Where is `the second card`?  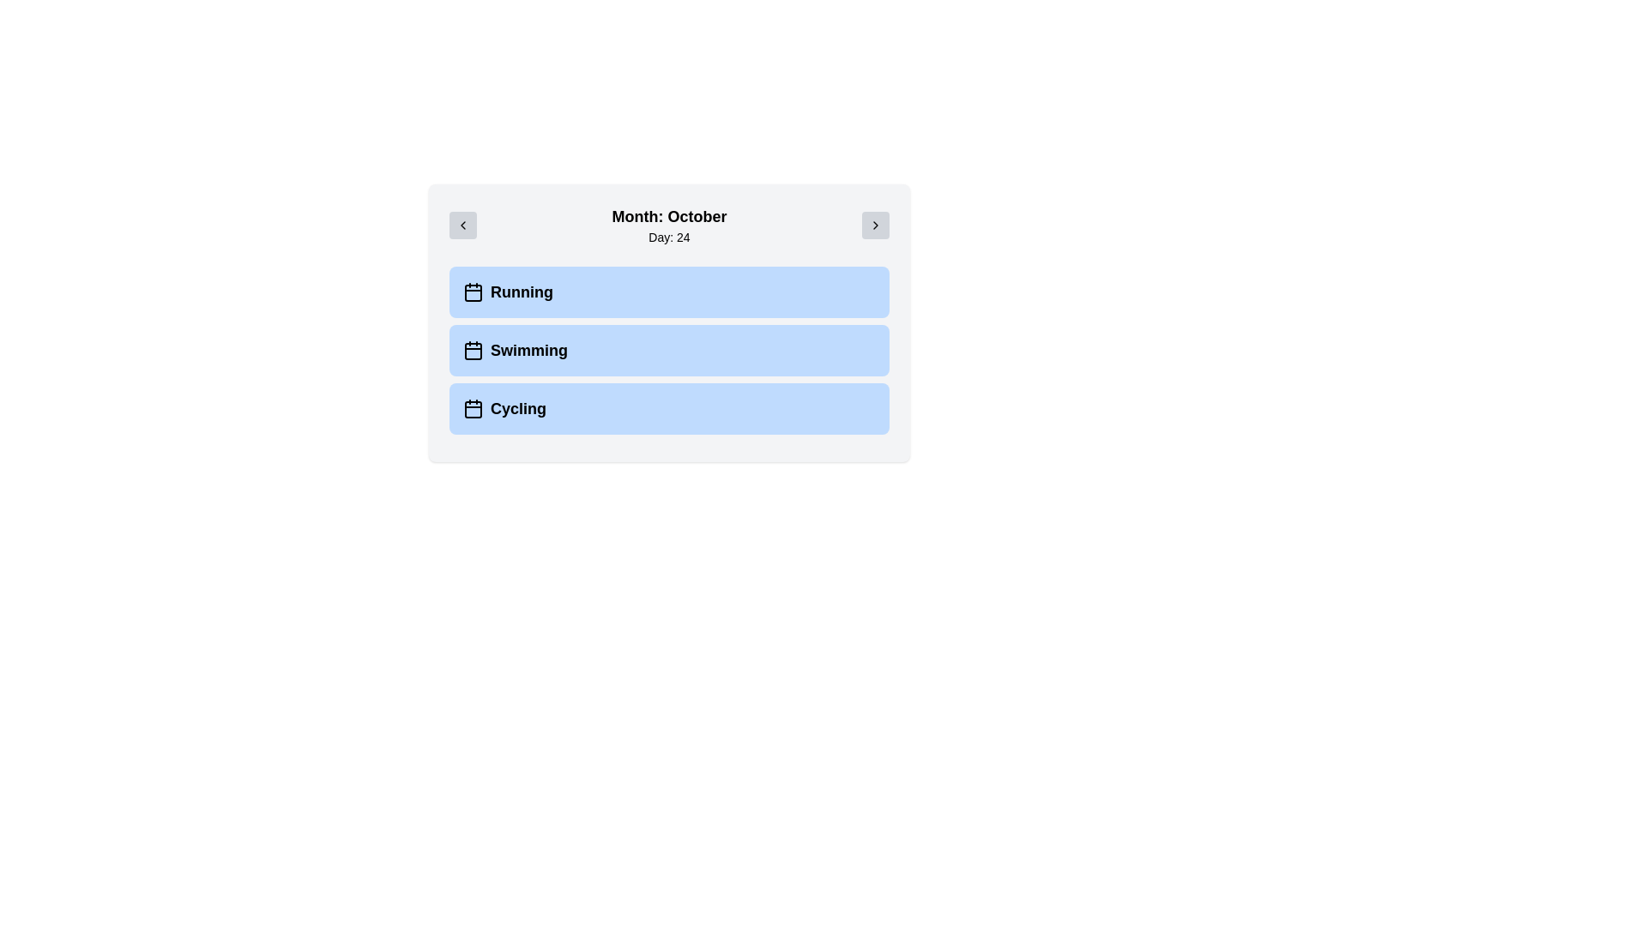
the second card is located at coordinates (668, 323).